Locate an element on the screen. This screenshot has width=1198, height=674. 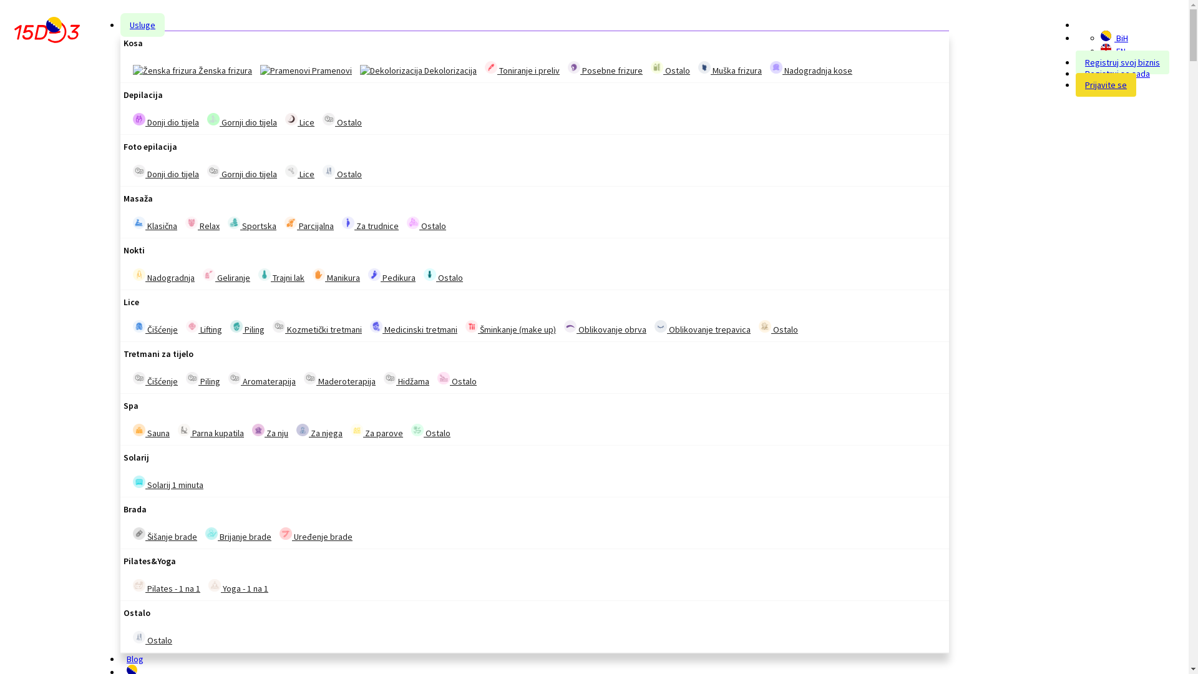
'Toniranje i preliv' is located at coordinates (481, 69).